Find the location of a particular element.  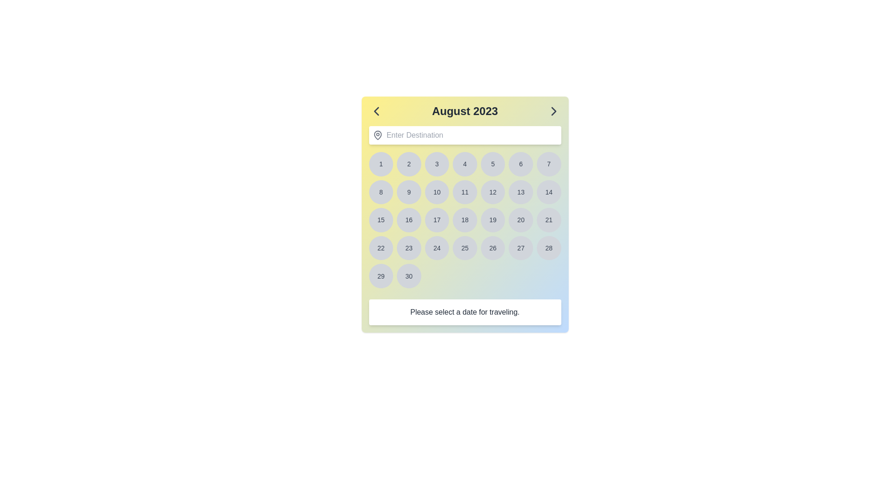

the circular button with a light gray background that contains the number '28' in dark text is located at coordinates (549, 247).